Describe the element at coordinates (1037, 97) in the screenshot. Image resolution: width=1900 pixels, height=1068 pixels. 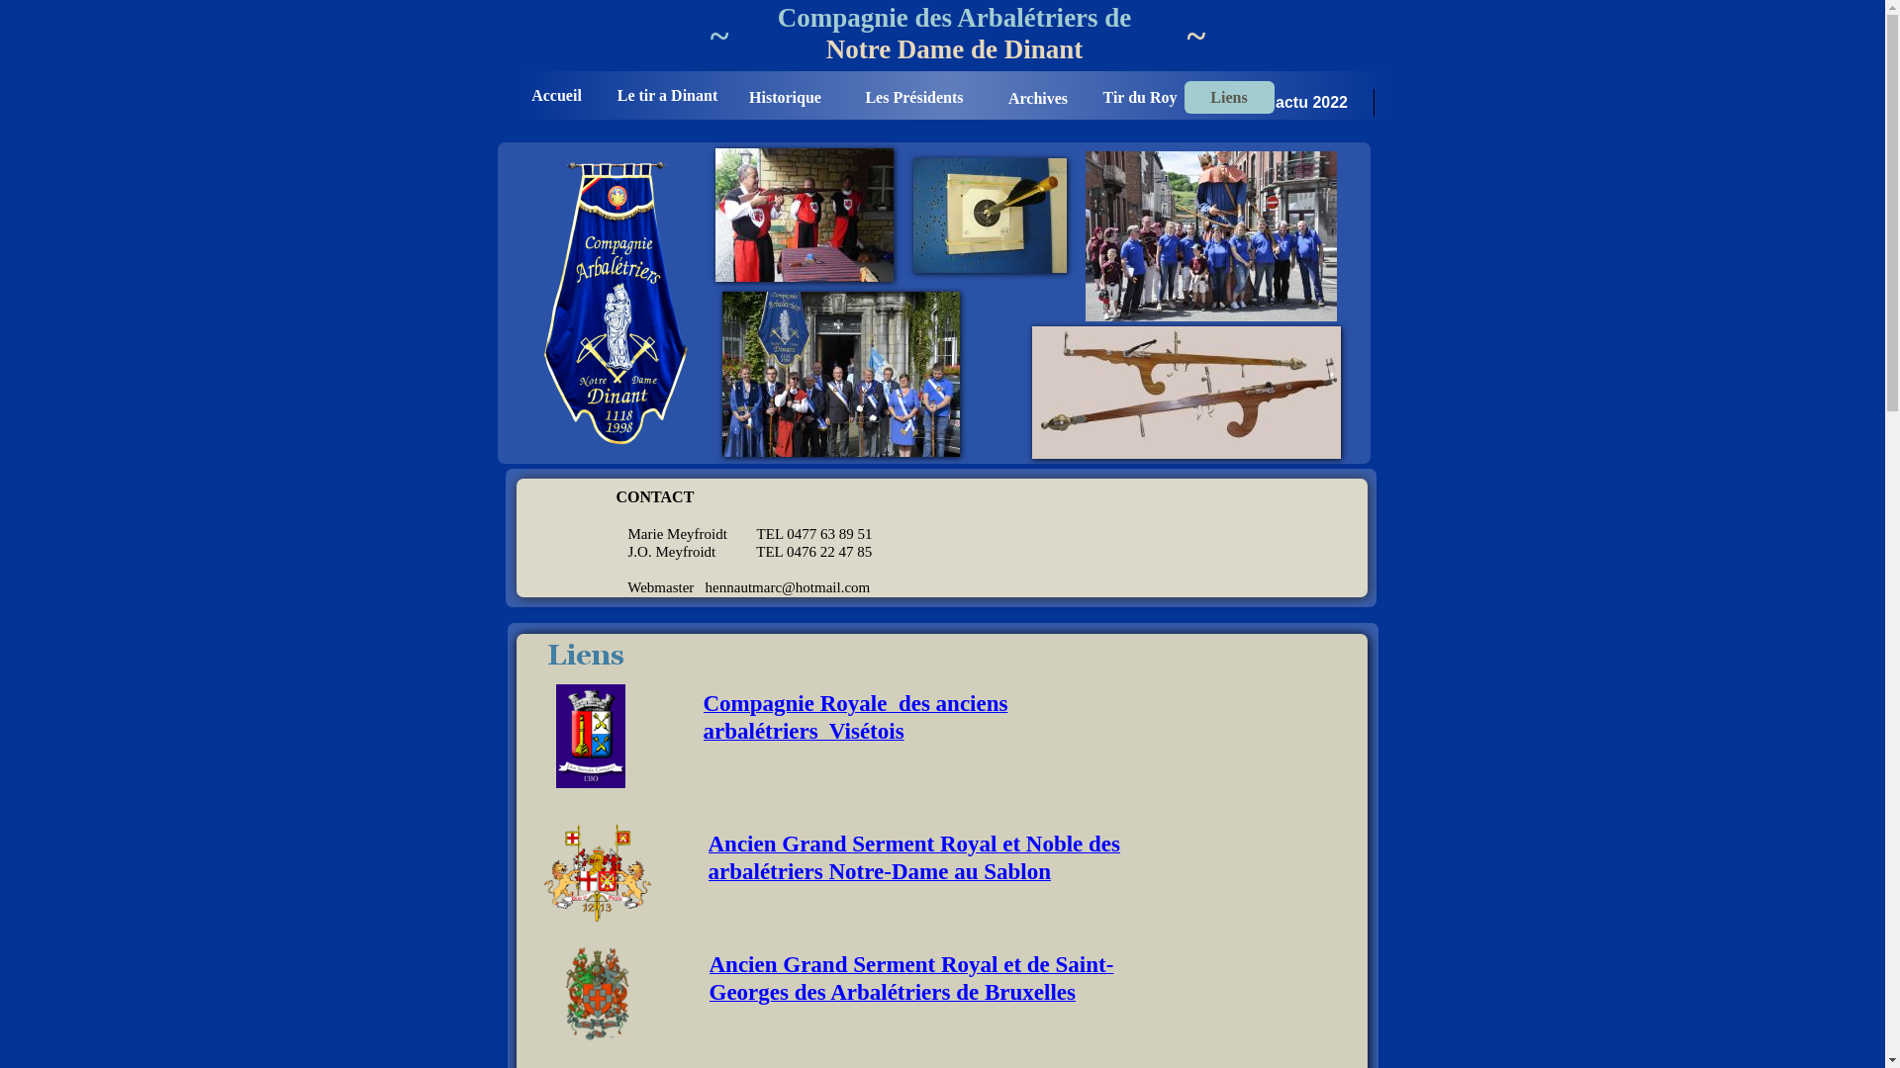
I see `'Archives'` at that location.